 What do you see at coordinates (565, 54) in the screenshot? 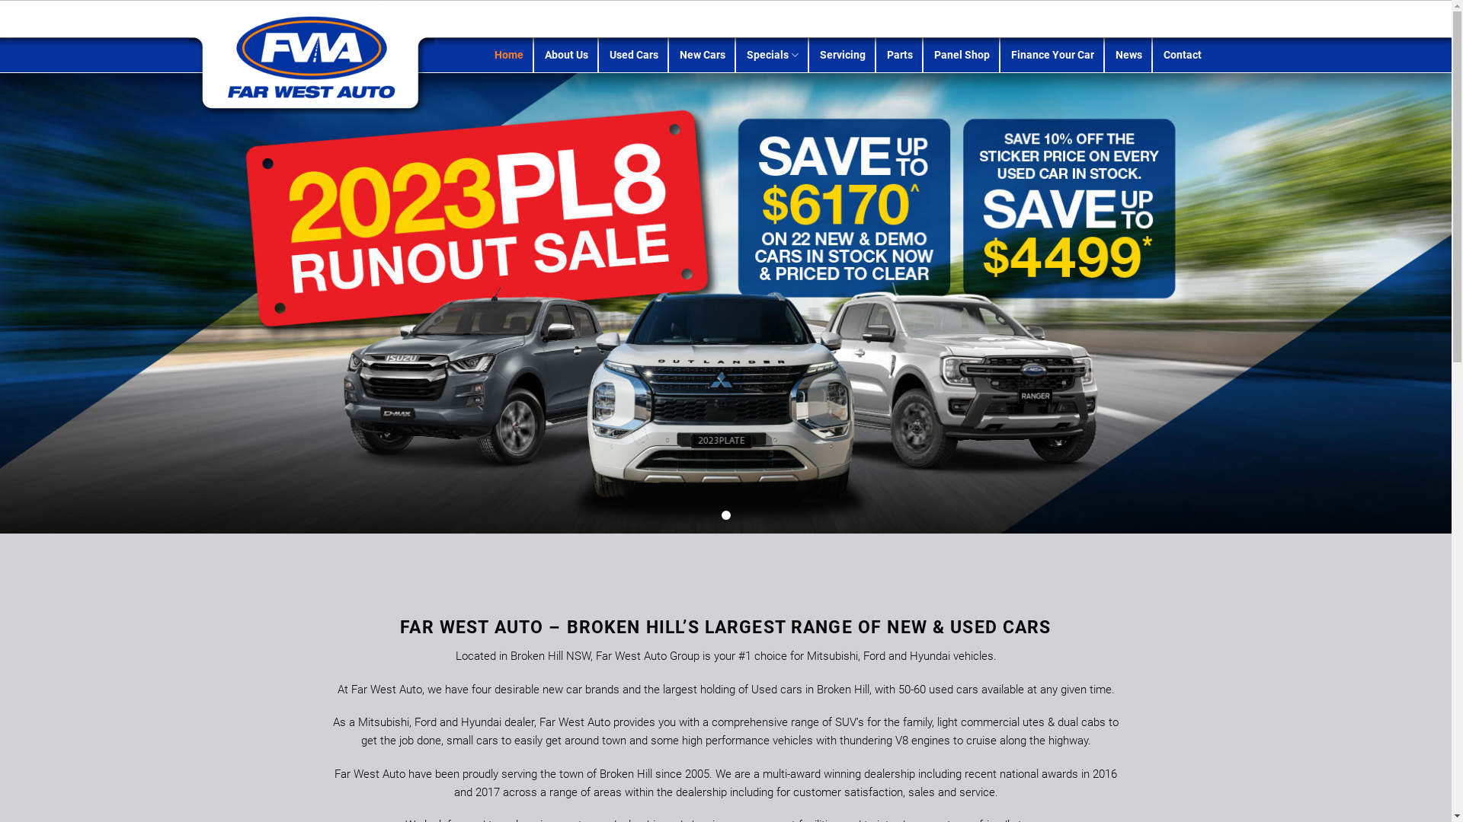
I see `'About Us'` at bounding box center [565, 54].